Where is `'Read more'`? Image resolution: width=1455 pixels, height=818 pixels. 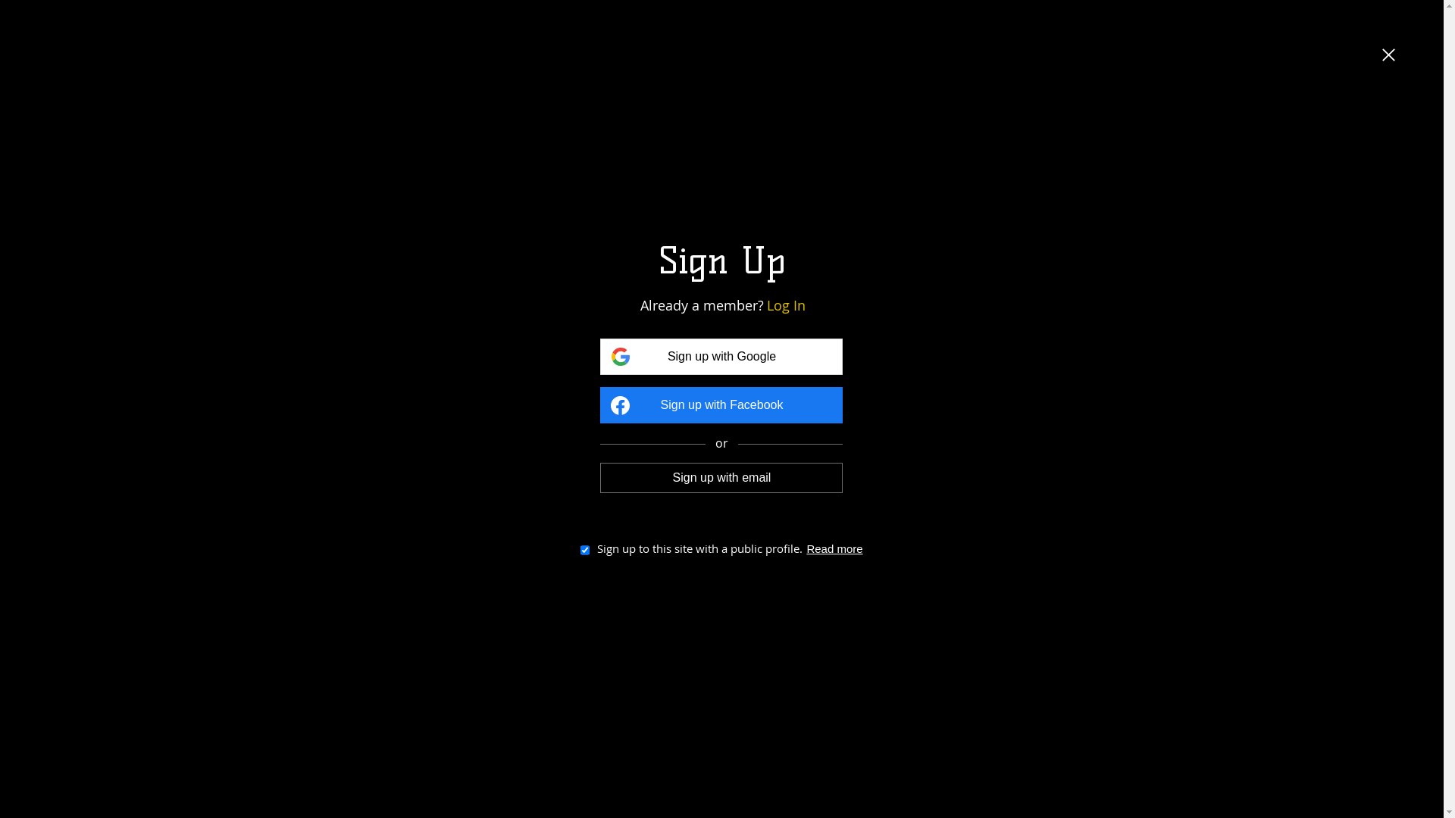
'Read more' is located at coordinates (833, 548).